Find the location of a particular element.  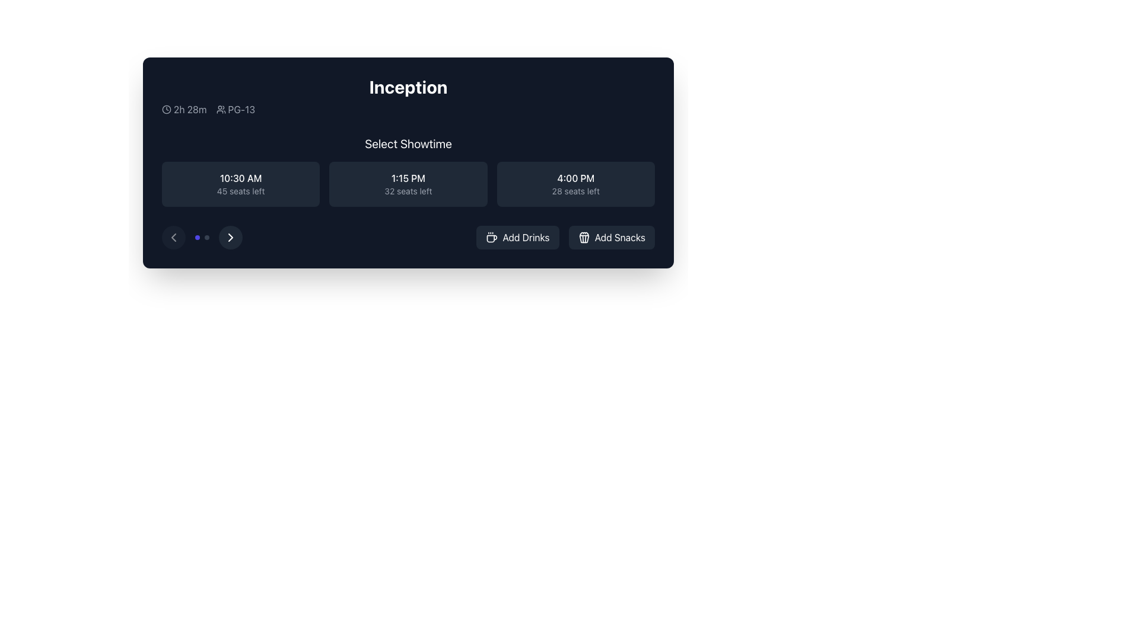

the informational text element indicating the number of available seats for the showtime at 1:15 PM, located within the 'Select Showtime' section is located at coordinates (408, 191).